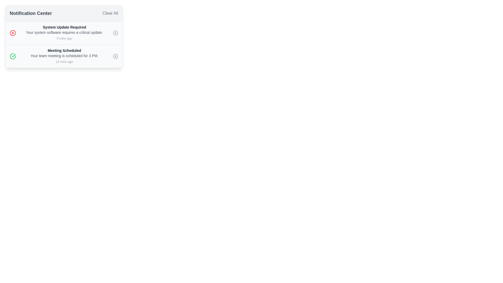 The width and height of the screenshot is (503, 283). Describe the element at coordinates (64, 56) in the screenshot. I see `the static text element that provides additional information about the meeting schedule, located below the 'Meeting Scheduled' header` at that location.